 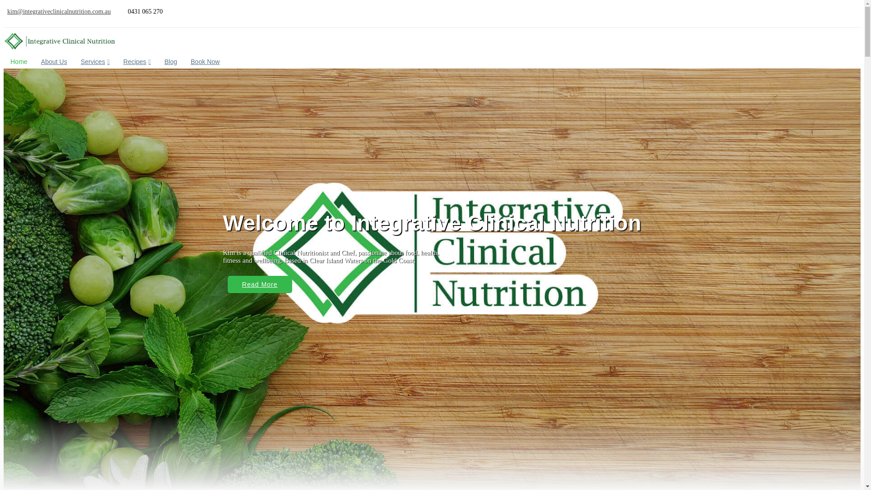 What do you see at coordinates (19, 62) in the screenshot?
I see `'Home'` at bounding box center [19, 62].